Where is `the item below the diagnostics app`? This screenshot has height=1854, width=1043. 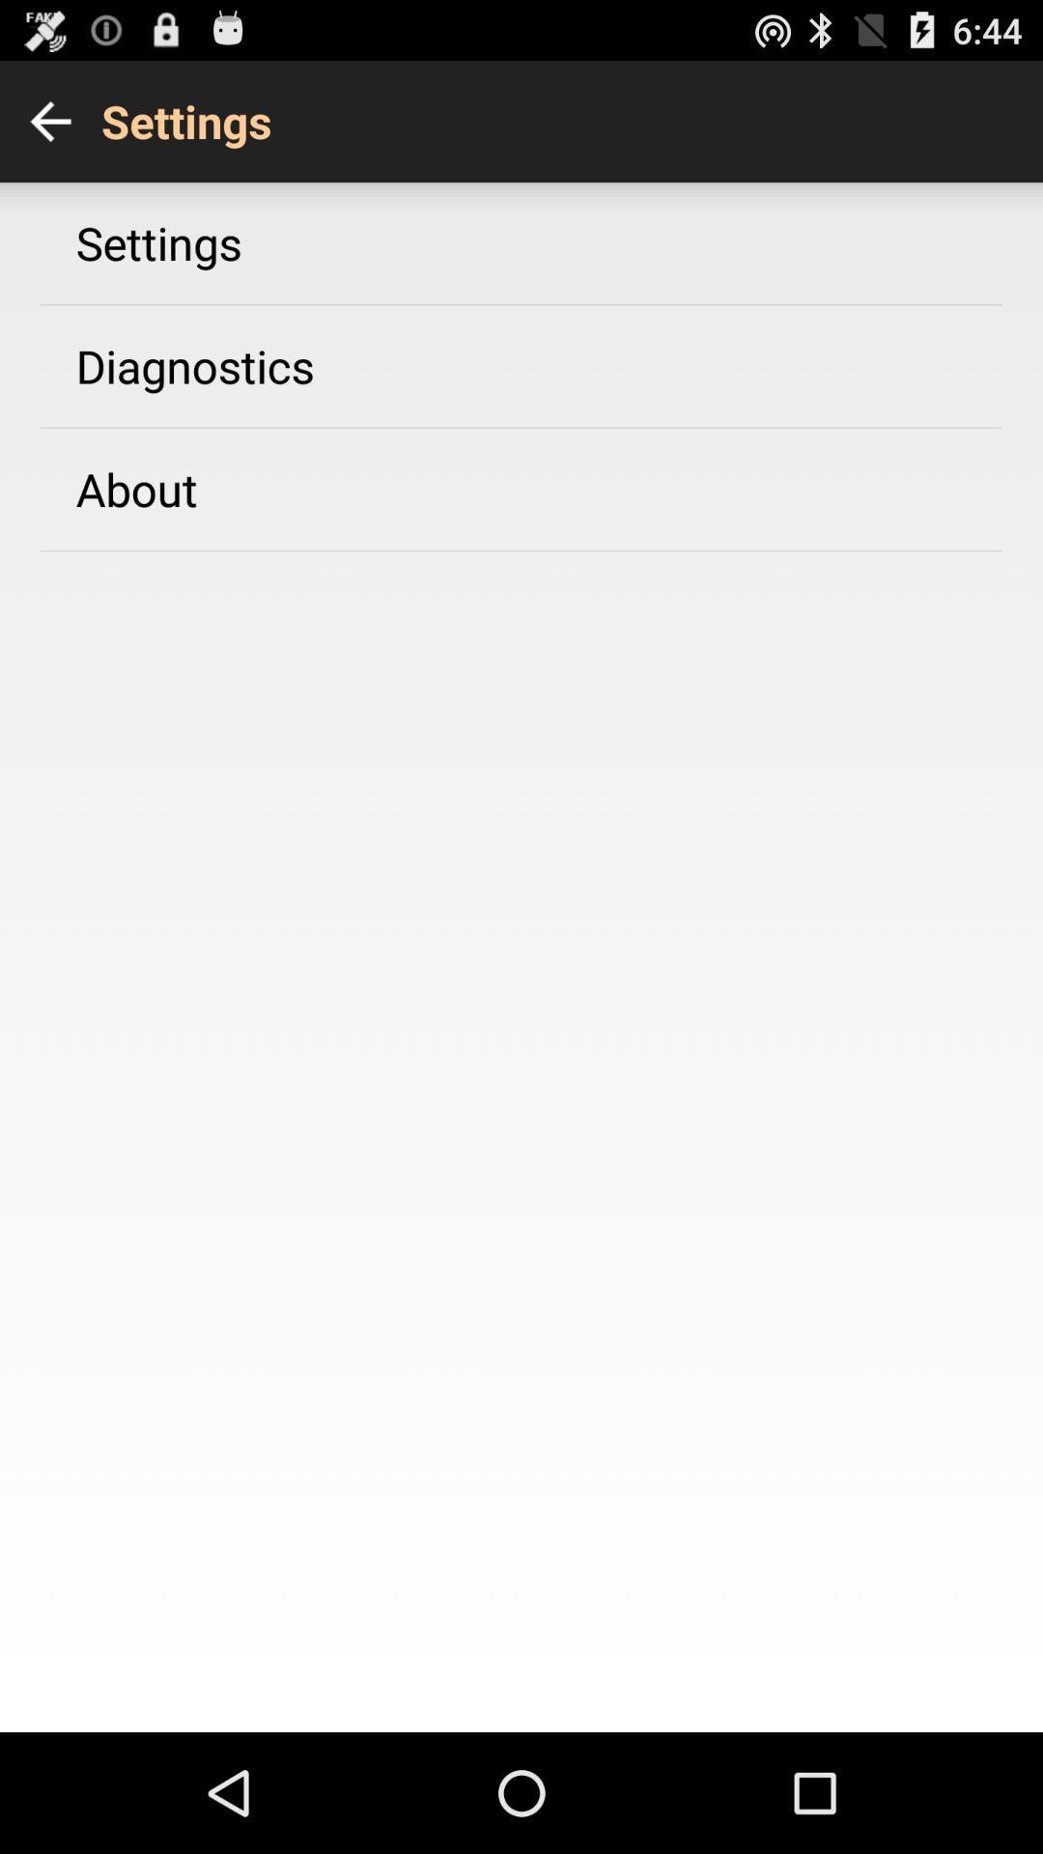 the item below the diagnostics app is located at coordinates (135, 489).